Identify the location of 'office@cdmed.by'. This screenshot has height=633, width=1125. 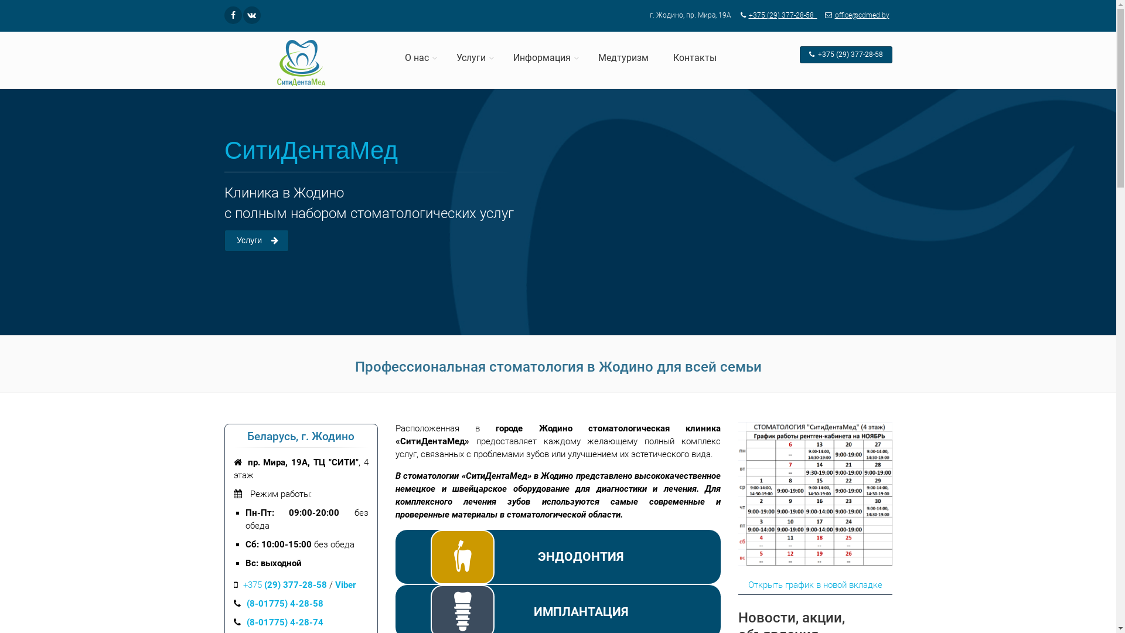
(854, 15).